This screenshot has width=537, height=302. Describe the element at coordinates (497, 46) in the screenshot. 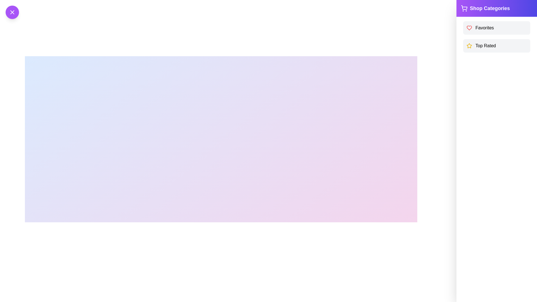

I see `the 'Top Rated' category in the list` at that location.